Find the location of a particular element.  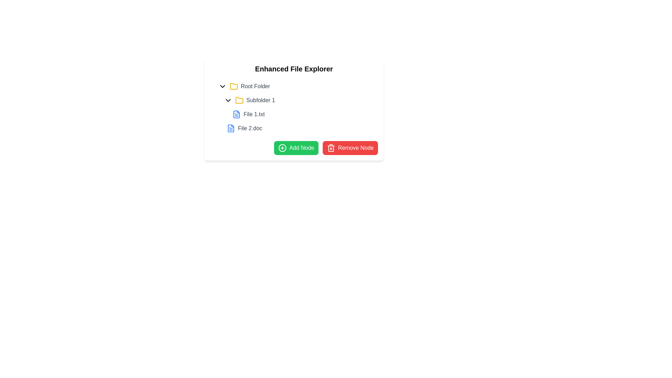

the 'Root Folder' text label, which is styled in gray and positioned to the right of a yellow folder icon in the Enhanced File Explorer interface is located at coordinates (255, 86).